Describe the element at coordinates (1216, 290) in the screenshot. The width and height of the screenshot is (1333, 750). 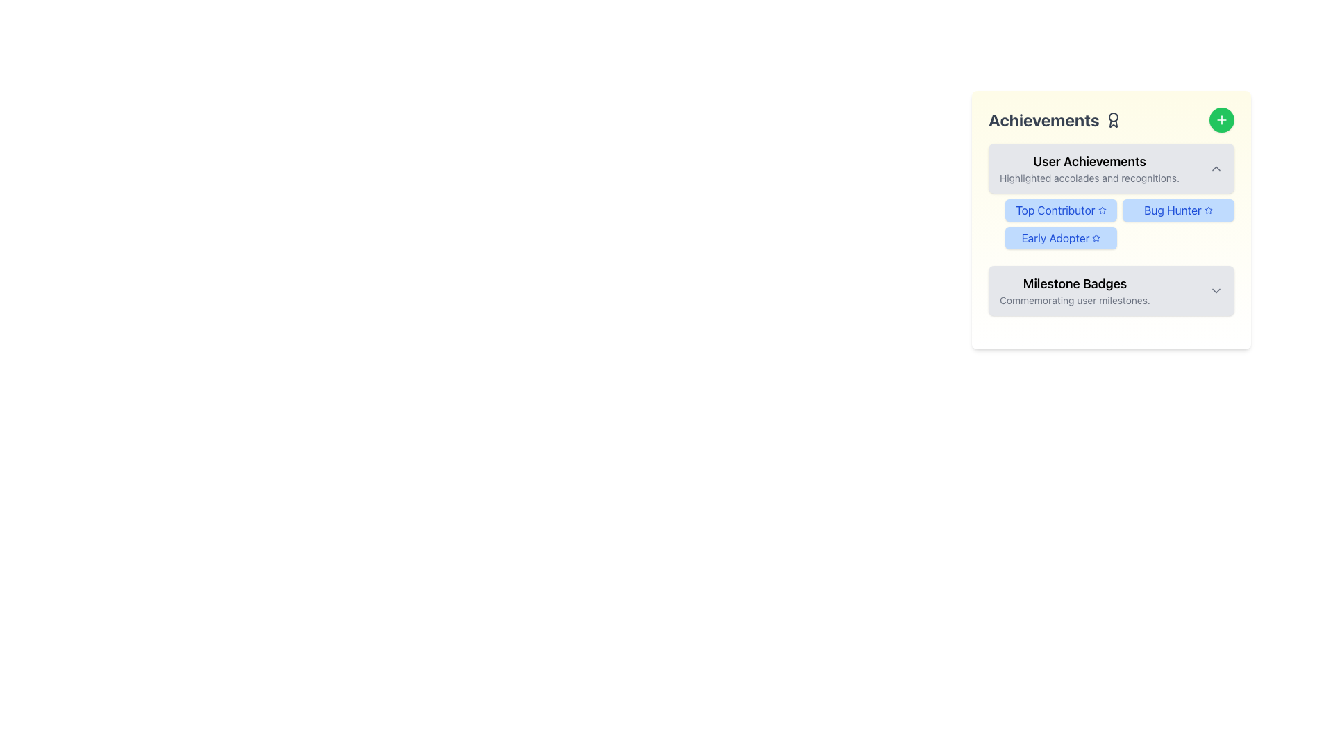
I see `the icon on the far right of the 'Milestone Badges' section` at that location.